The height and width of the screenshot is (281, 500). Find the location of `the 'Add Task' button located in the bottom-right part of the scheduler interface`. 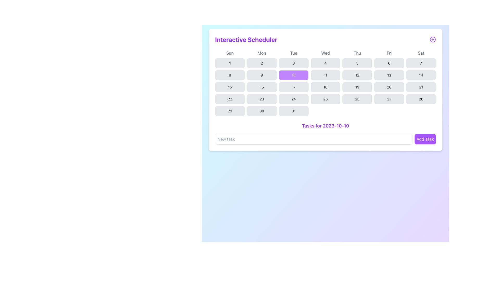

the 'Add Task' button located in the bottom-right part of the scheduler interface is located at coordinates (425, 139).